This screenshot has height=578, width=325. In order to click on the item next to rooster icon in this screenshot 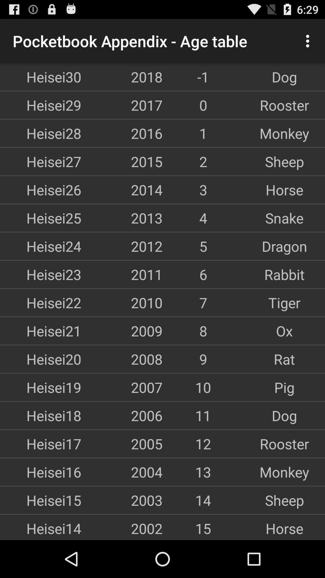, I will do `click(203, 444)`.